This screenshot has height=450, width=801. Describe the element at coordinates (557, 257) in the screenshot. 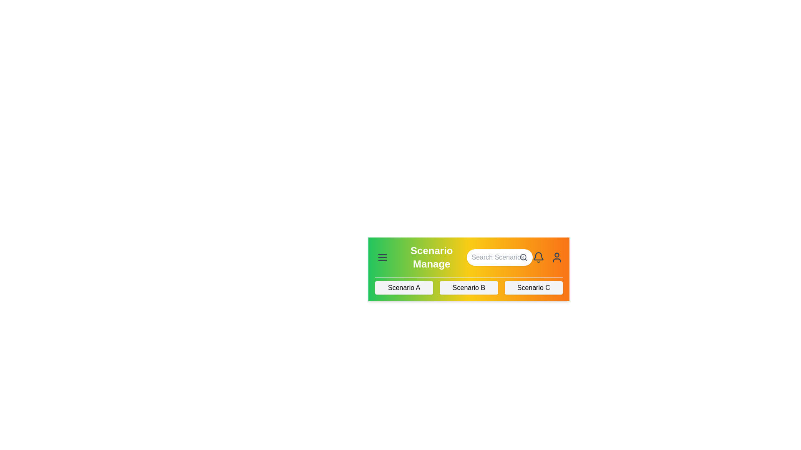

I see `the user icon to access user-related options` at that location.